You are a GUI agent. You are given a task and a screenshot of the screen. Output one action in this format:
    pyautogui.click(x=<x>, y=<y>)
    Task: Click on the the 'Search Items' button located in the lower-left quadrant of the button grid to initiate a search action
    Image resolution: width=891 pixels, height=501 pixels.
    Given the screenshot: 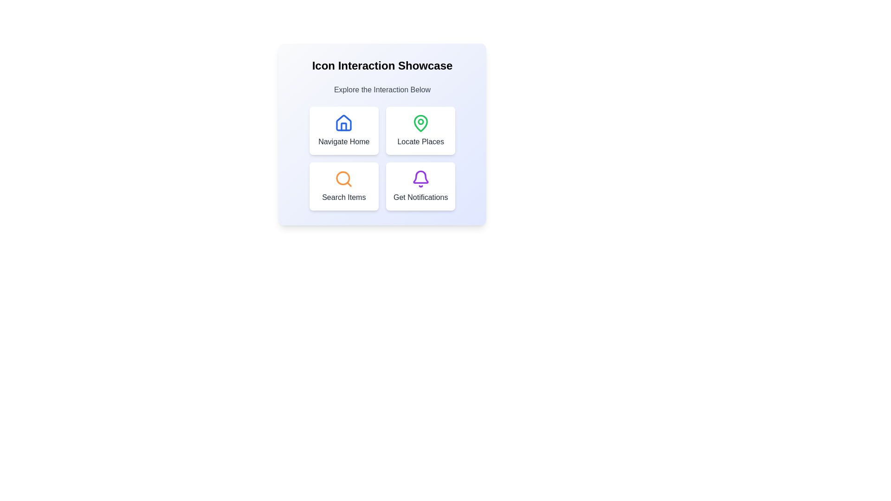 What is the action you would take?
    pyautogui.click(x=343, y=186)
    